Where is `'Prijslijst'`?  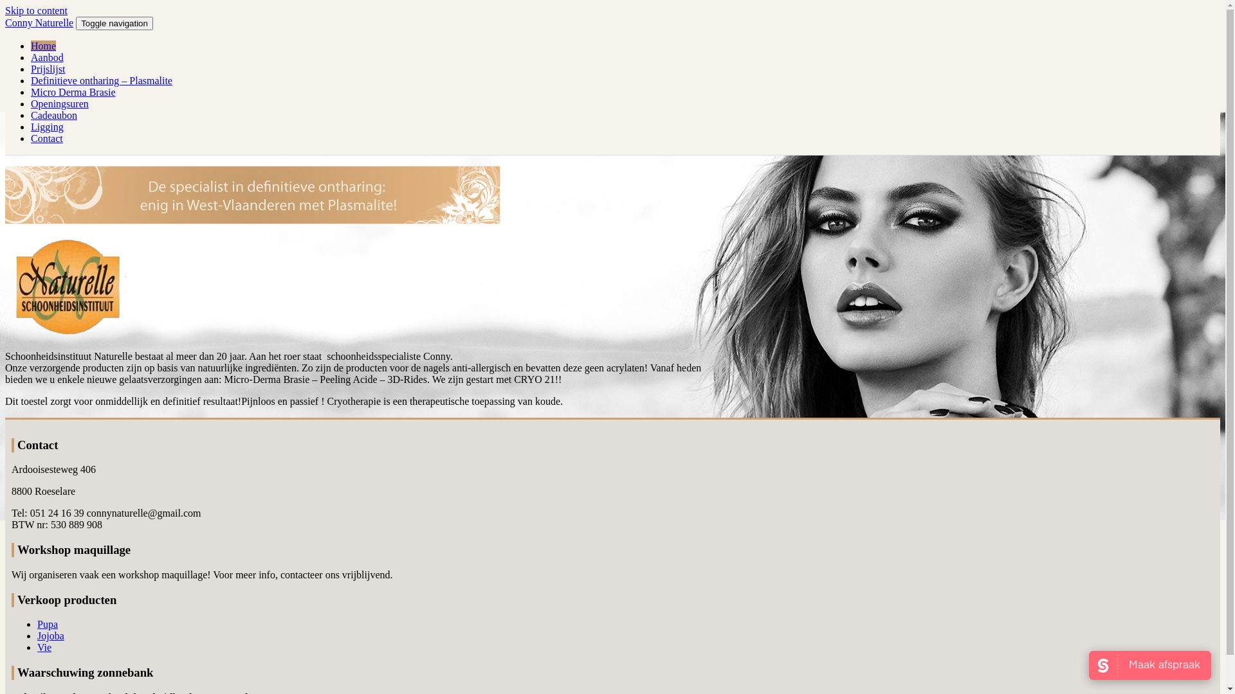 'Prijslijst' is located at coordinates (48, 69).